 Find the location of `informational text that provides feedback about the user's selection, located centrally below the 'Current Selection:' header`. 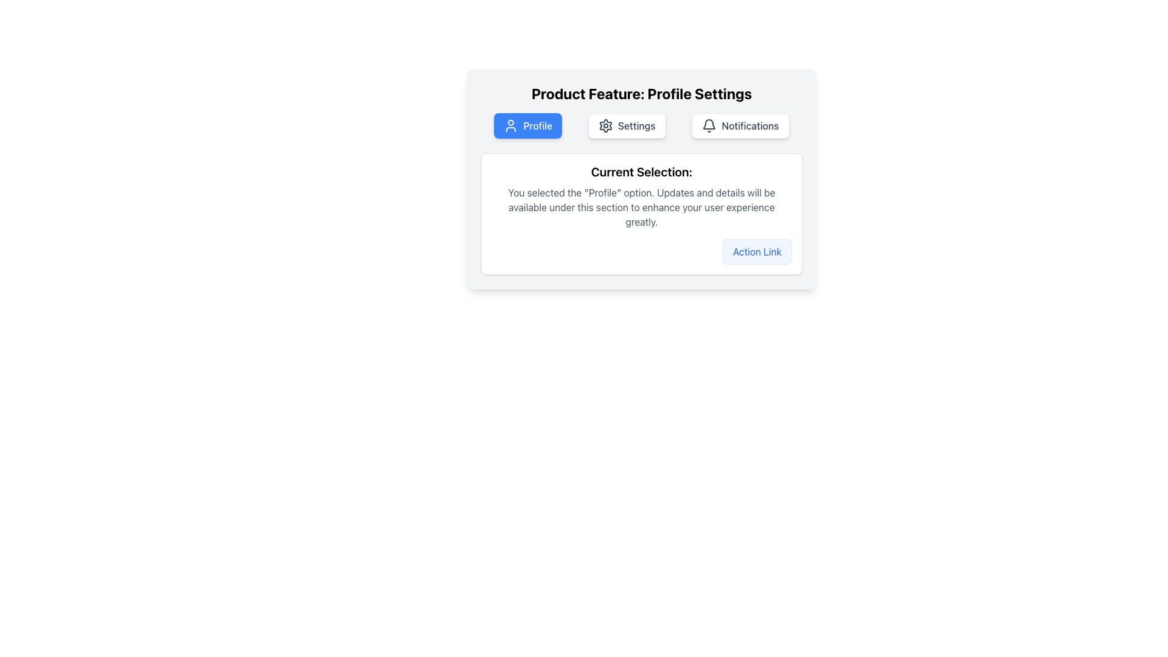

informational text that provides feedback about the user's selection, located centrally below the 'Current Selection:' header is located at coordinates (641, 206).